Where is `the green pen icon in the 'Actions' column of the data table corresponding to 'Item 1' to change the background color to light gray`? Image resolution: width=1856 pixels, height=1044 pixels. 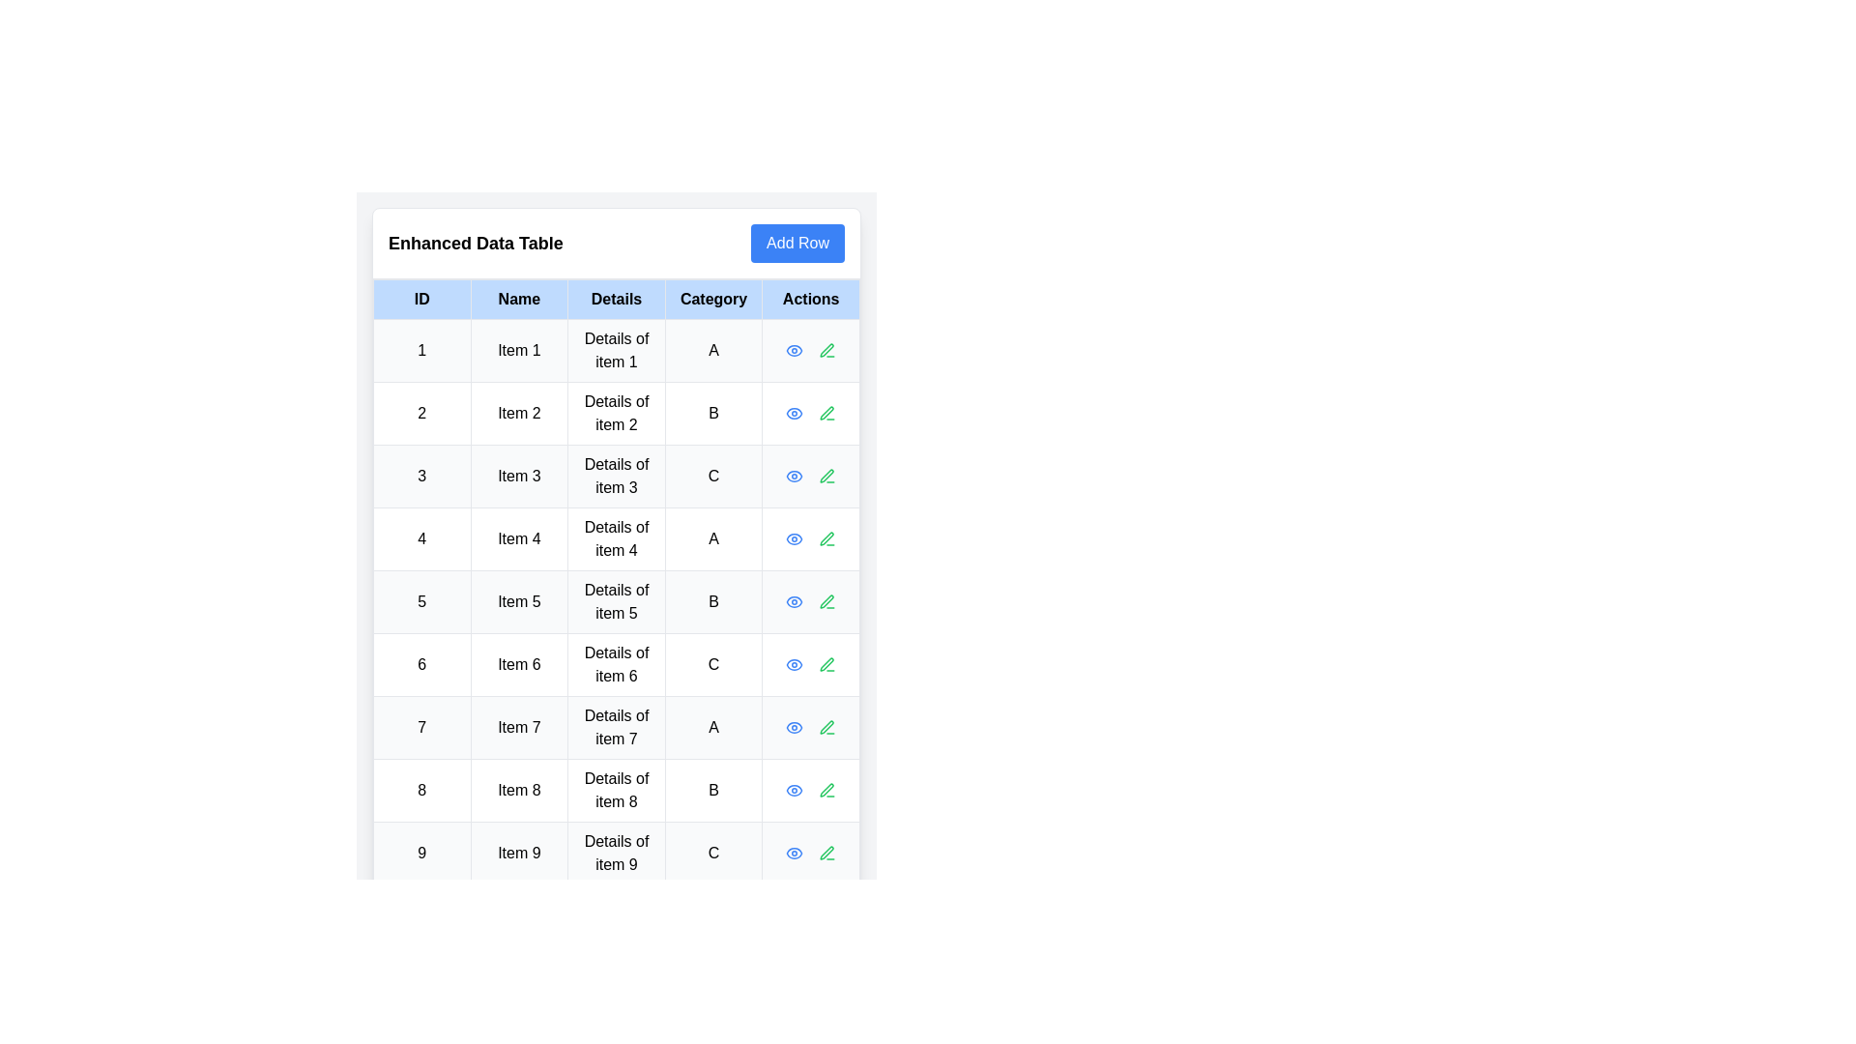 the green pen icon in the 'Actions' column of the data table corresponding to 'Item 1' to change the background color to light gray is located at coordinates (827, 350).